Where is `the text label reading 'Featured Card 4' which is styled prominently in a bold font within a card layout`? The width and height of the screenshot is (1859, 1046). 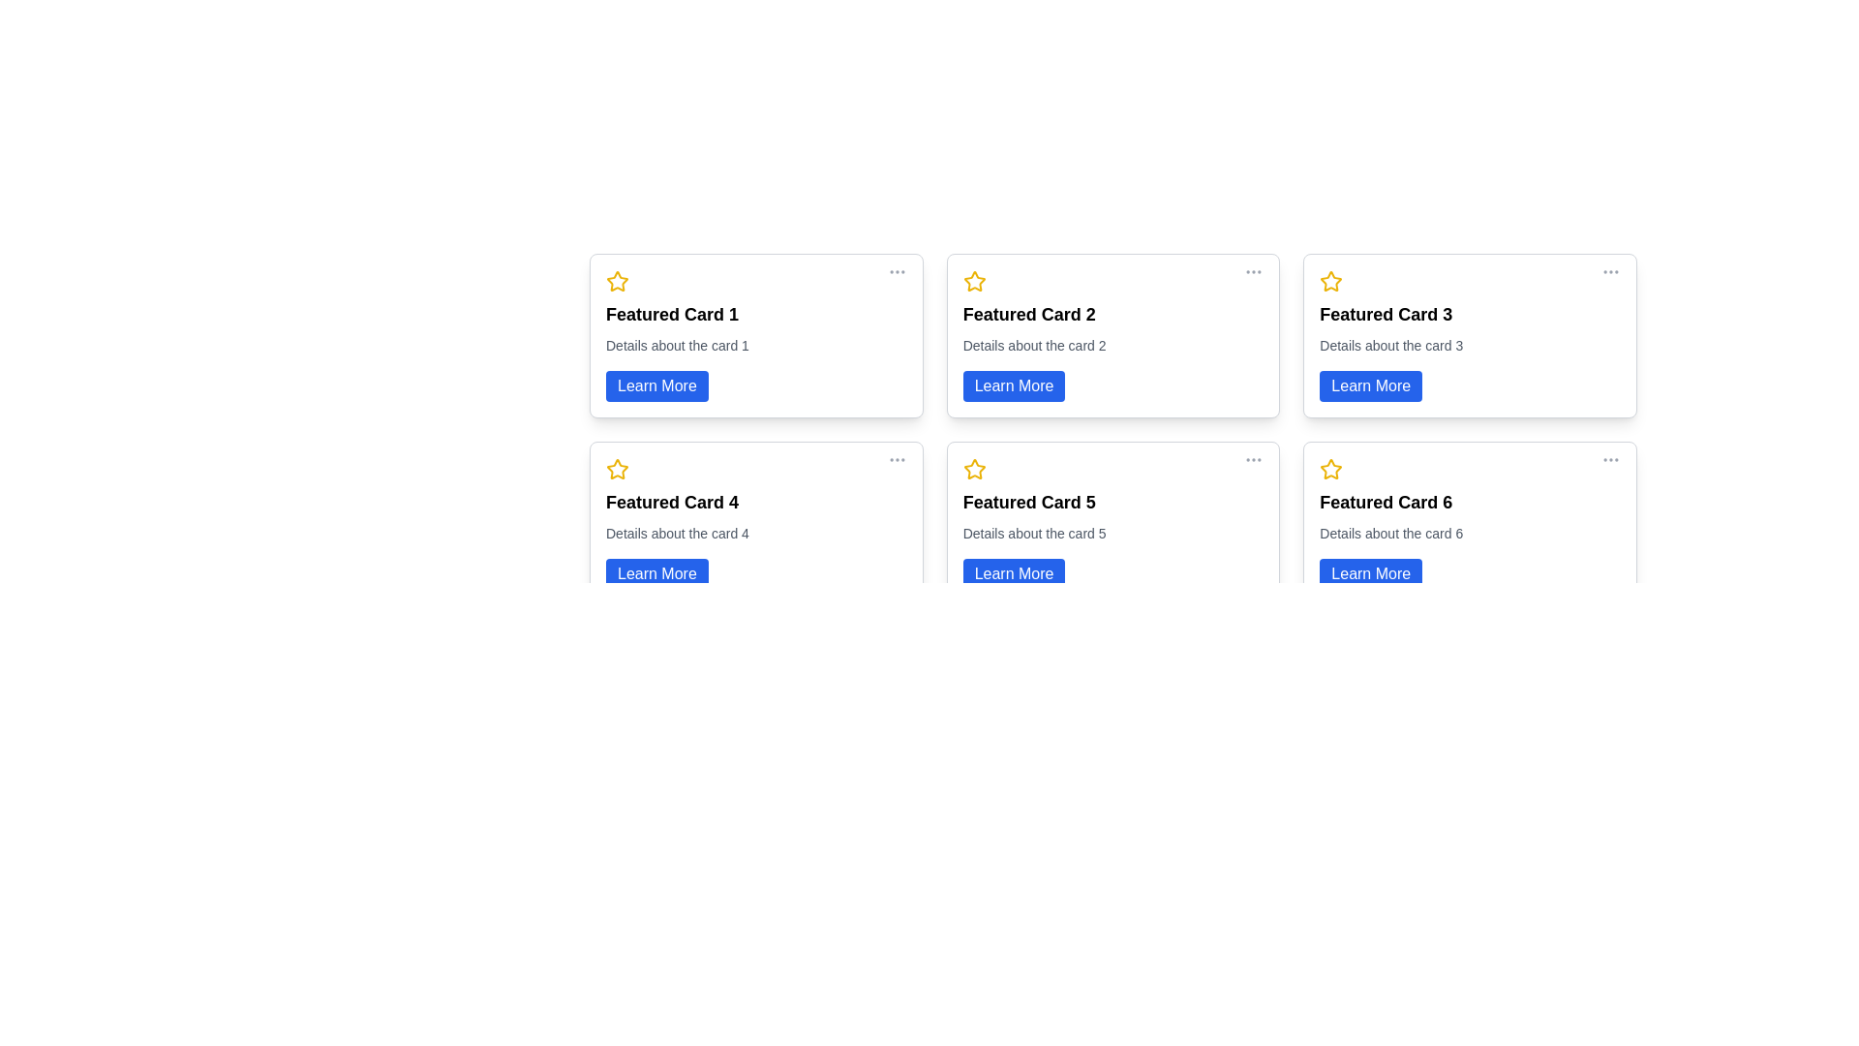
the text label reading 'Featured Card 4' which is styled prominently in a bold font within a card layout is located at coordinates (672, 502).